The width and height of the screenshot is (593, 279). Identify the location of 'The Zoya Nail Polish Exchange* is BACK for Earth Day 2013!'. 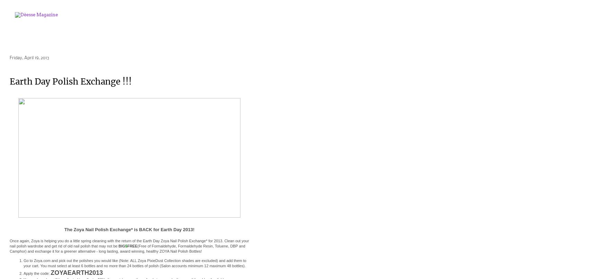
(129, 229).